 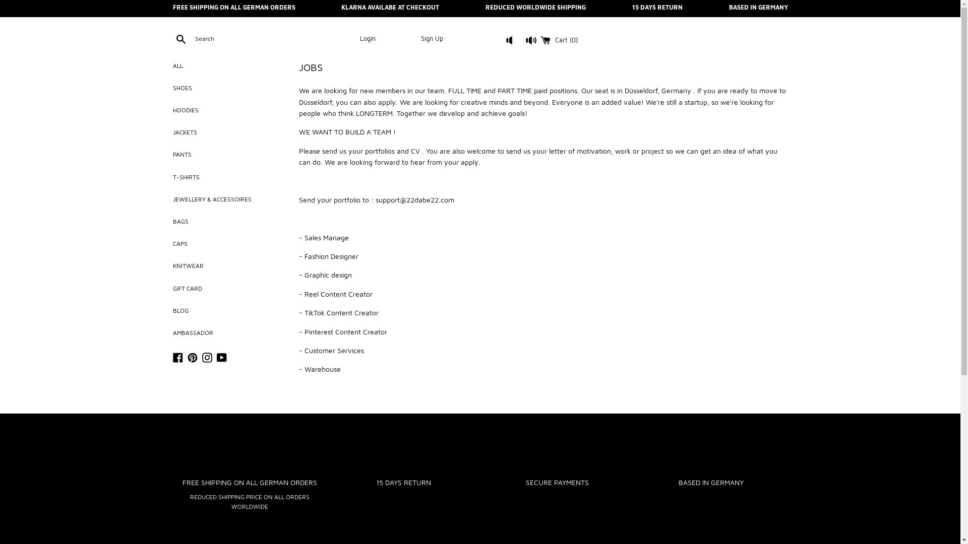 What do you see at coordinates (227, 131) in the screenshot?
I see `'JACKETS'` at bounding box center [227, 131].